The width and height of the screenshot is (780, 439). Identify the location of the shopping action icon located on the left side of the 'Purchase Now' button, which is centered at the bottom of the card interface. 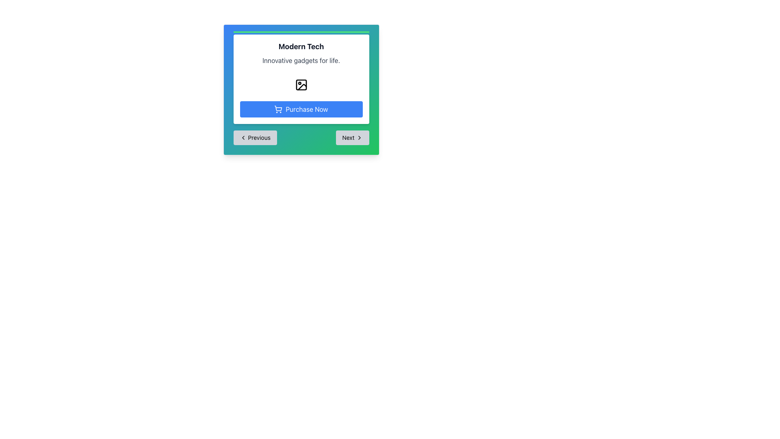
(278, 109).